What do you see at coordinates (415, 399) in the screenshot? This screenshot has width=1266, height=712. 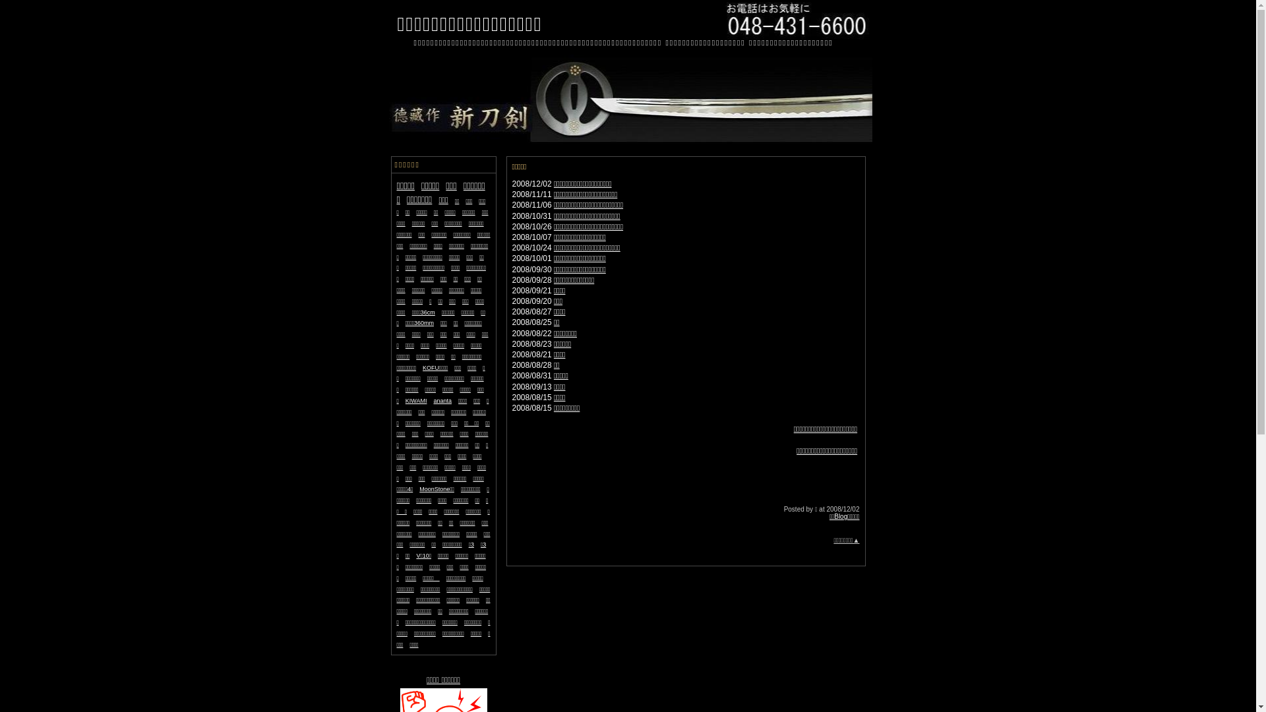 I see `'KIWAMI'` at bounding box center [415, 399].